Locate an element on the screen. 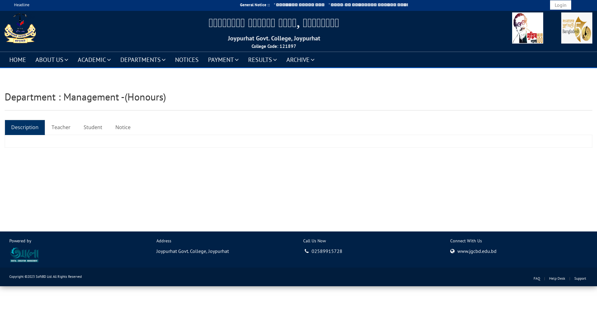 The height and width of the screenshot is (336, 597). 'Notice' is located at coordinates (109, 127).